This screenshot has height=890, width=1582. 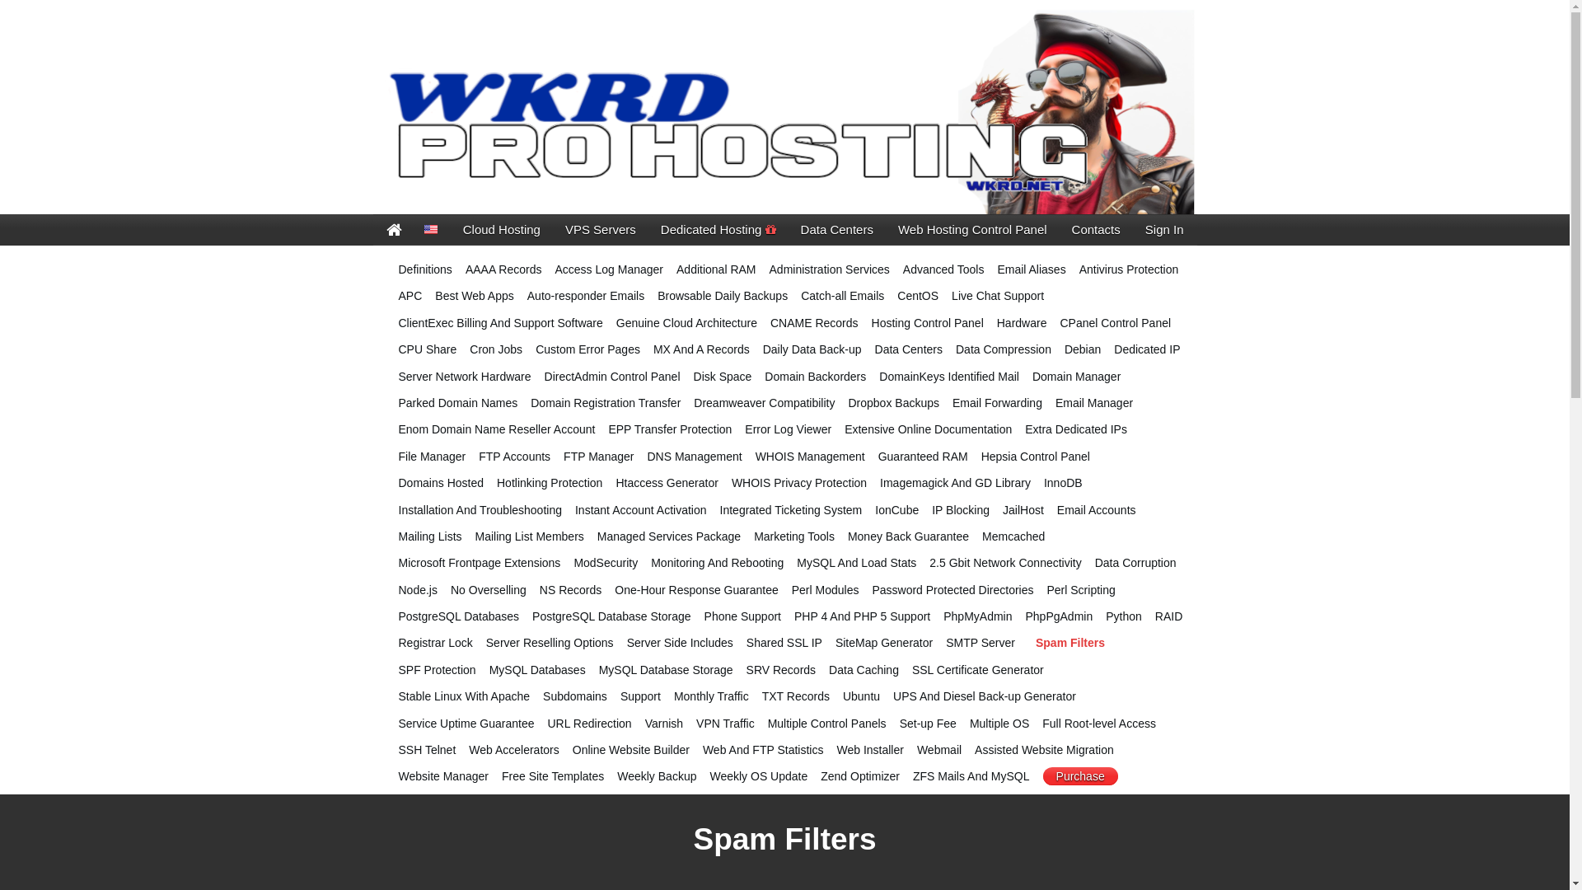 What do you see at coordinates (537, 670) in the screenshot?
I see `'MySQL Databases'` at bounding box center [537, 670].